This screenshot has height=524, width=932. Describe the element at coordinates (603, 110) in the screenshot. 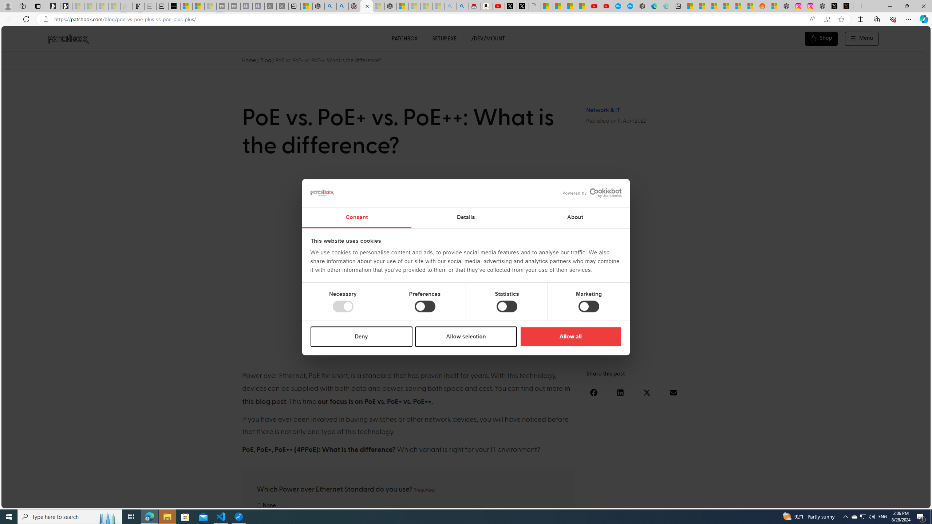

I see `'Network & IT'` at that location.